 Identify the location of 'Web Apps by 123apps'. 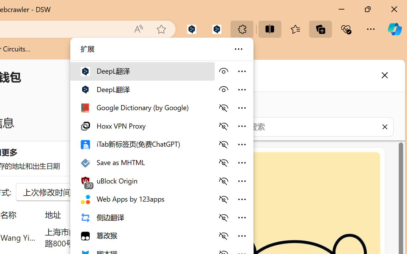
(141, 199).